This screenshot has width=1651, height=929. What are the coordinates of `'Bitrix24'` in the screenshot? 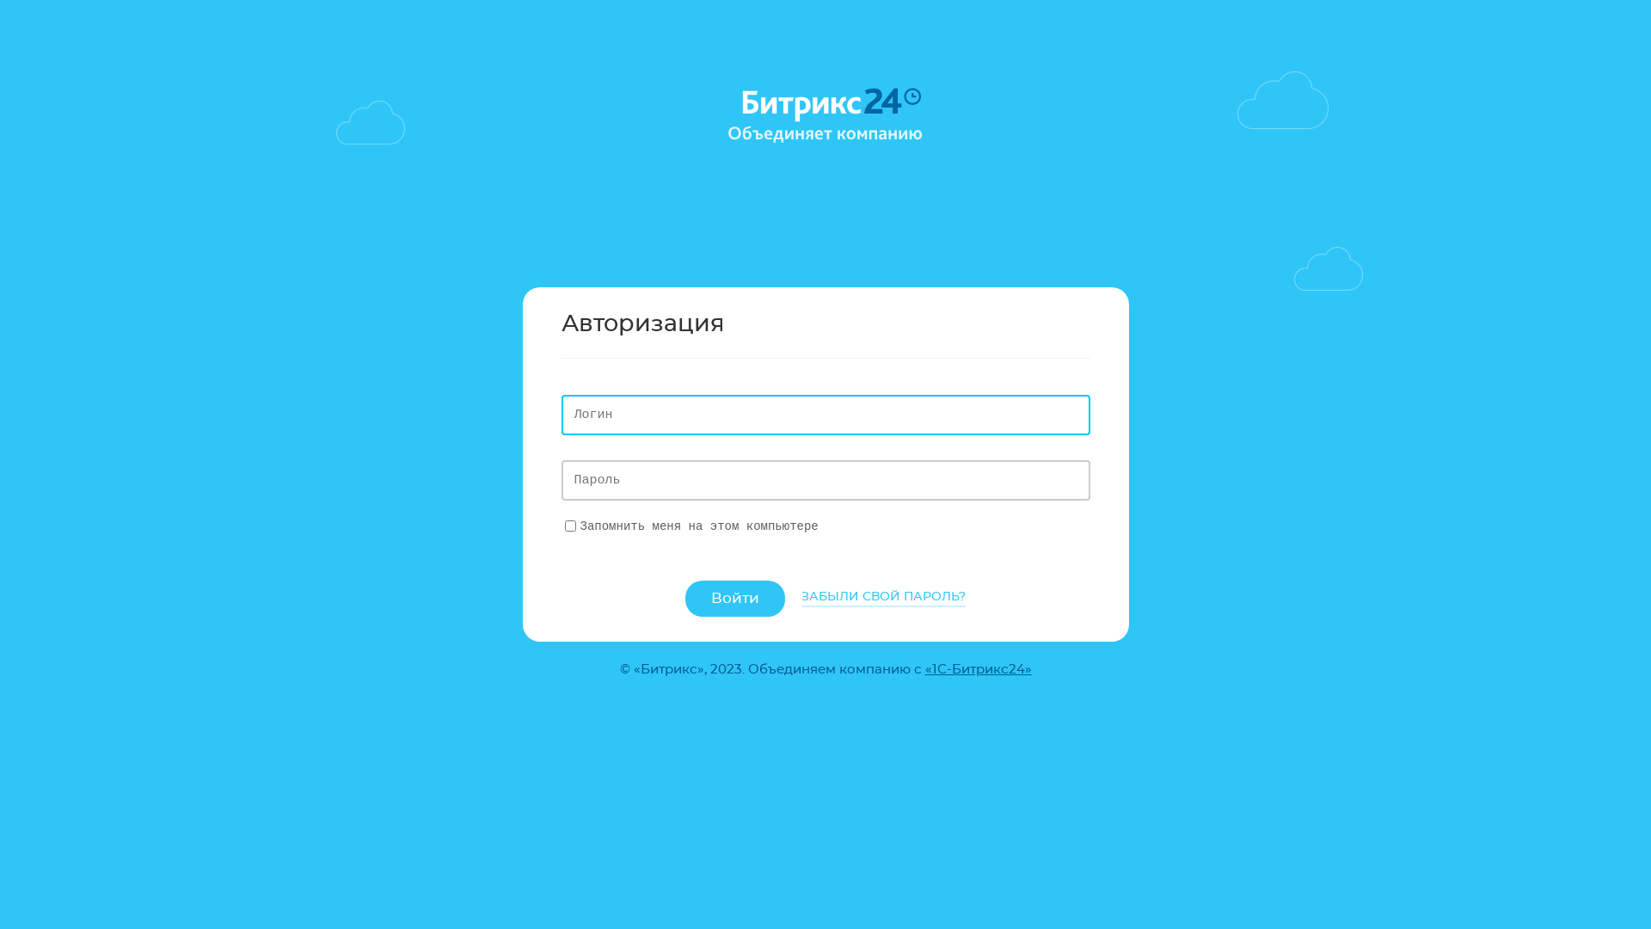 It's located at (825, 114).